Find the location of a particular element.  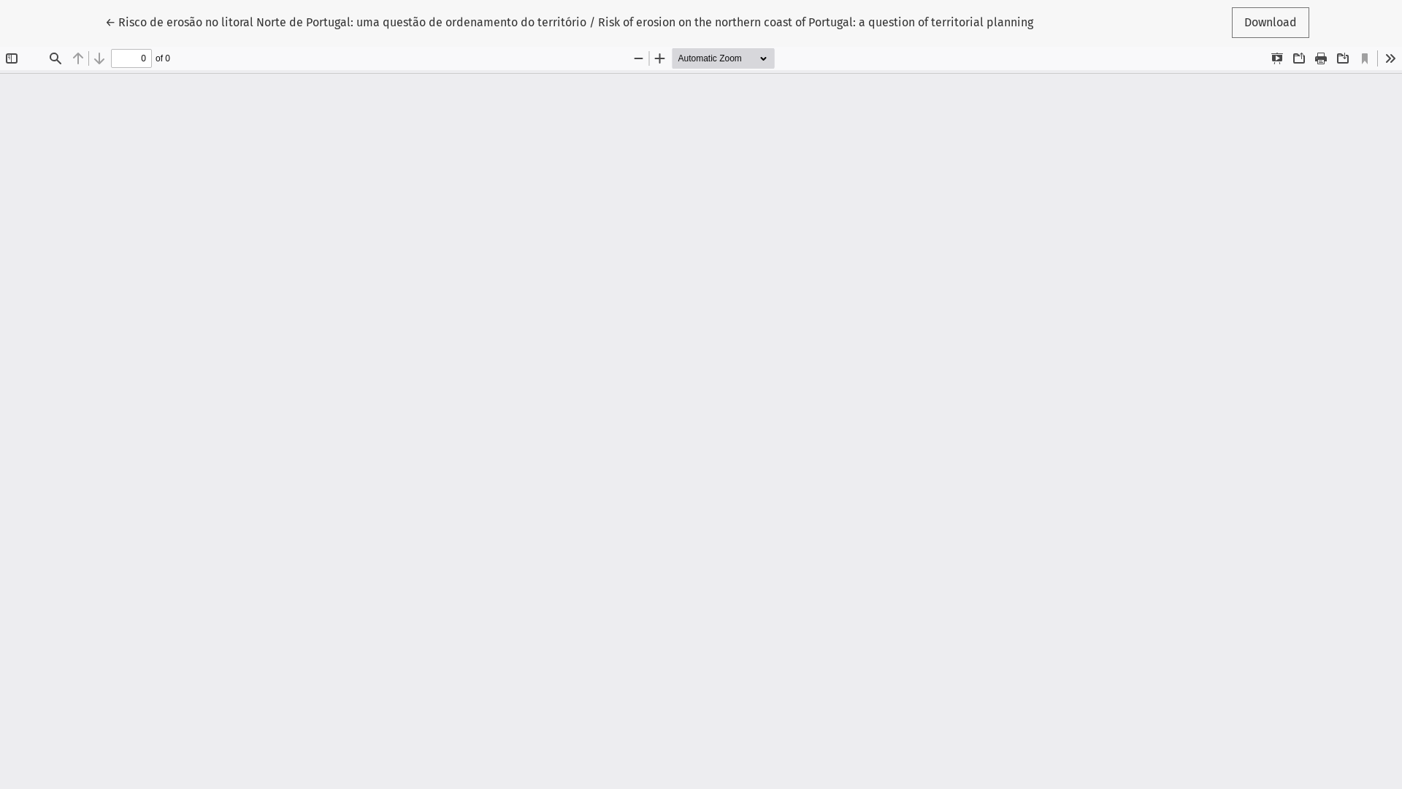

'Download' is located at coordinates (1269, 22).